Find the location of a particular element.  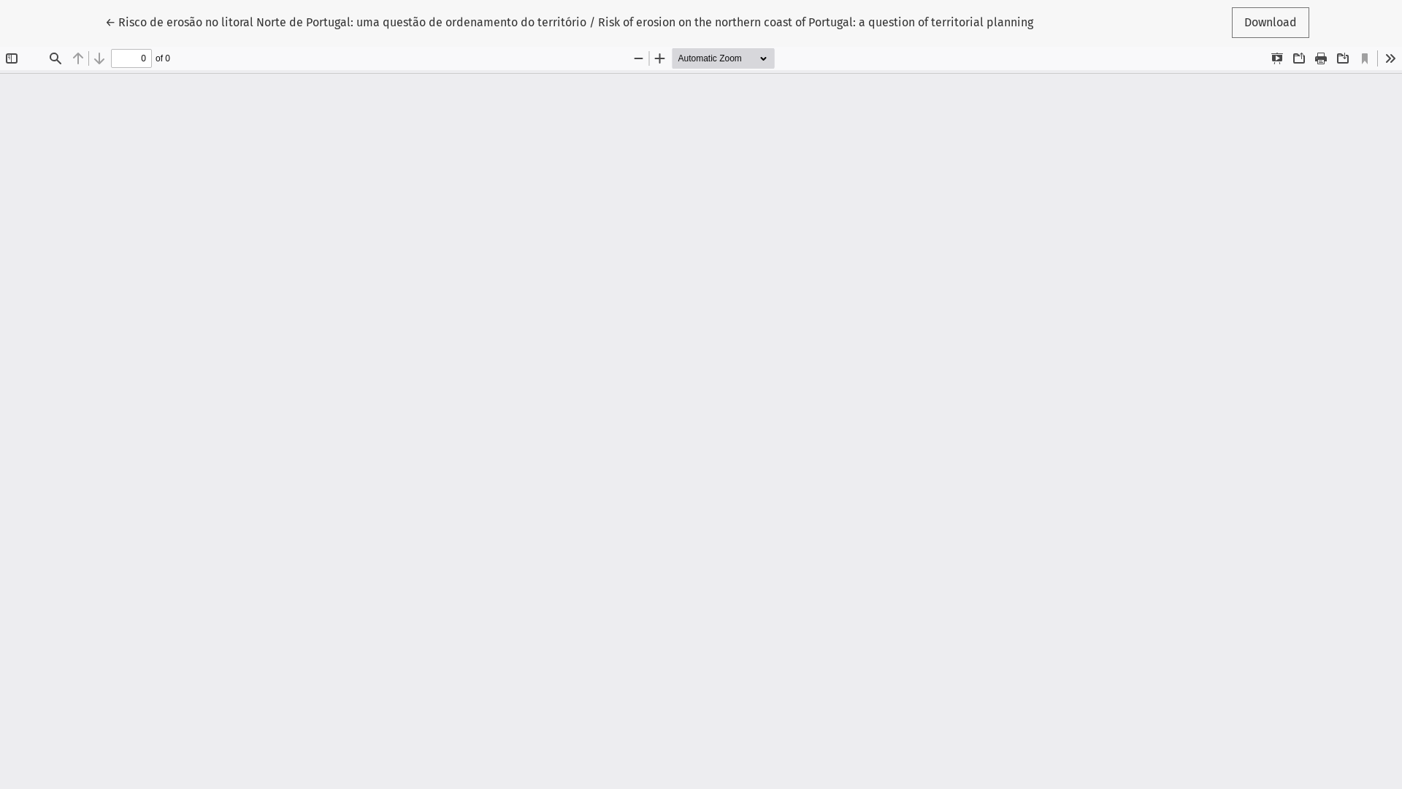

'Download' is located at coordinates (1269, 22).